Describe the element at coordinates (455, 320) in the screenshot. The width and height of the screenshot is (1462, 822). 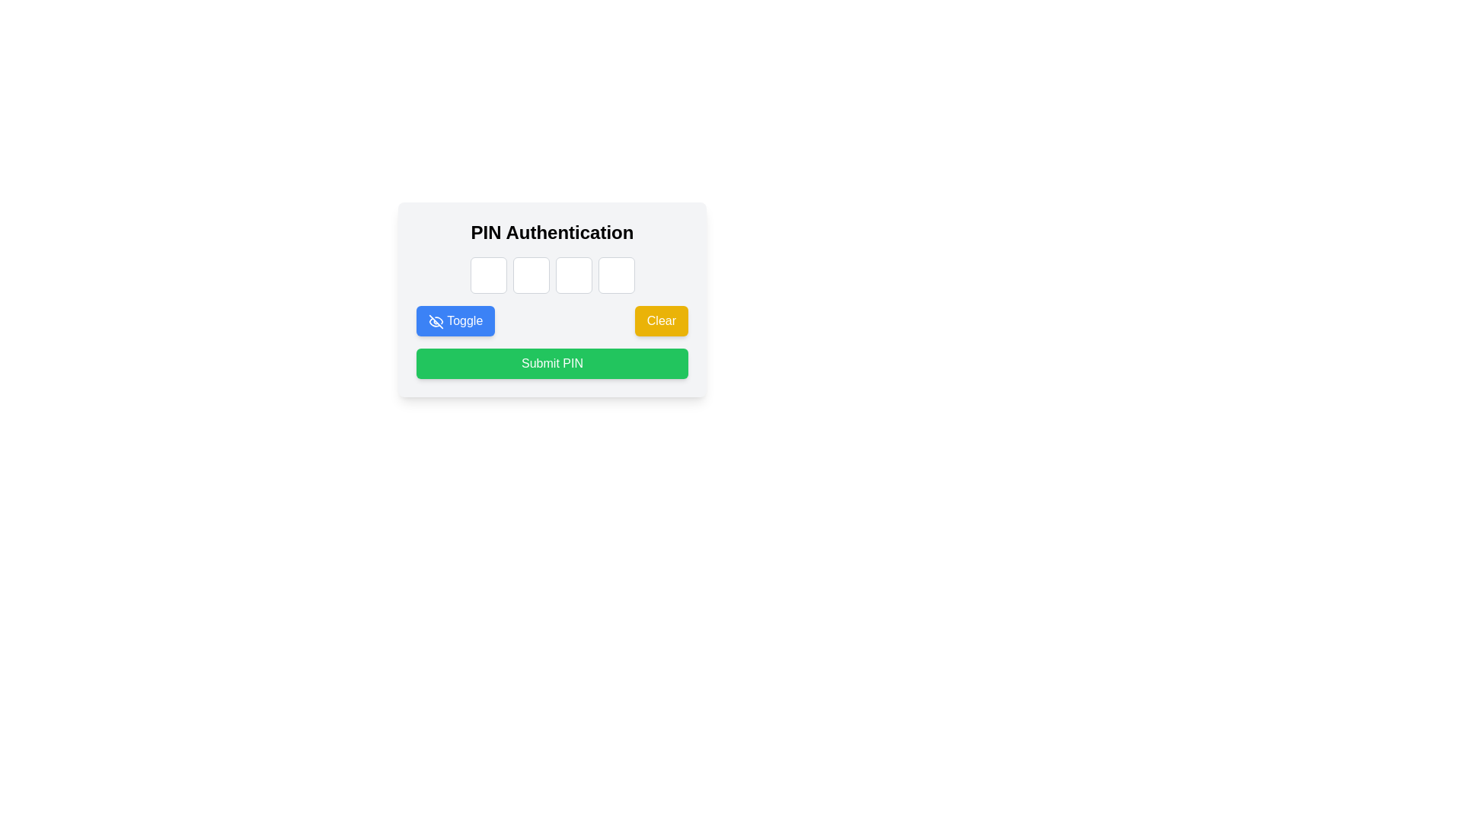
I see `the blue 'Toggle' button with white text and a crossed-out eye icon` at that location.